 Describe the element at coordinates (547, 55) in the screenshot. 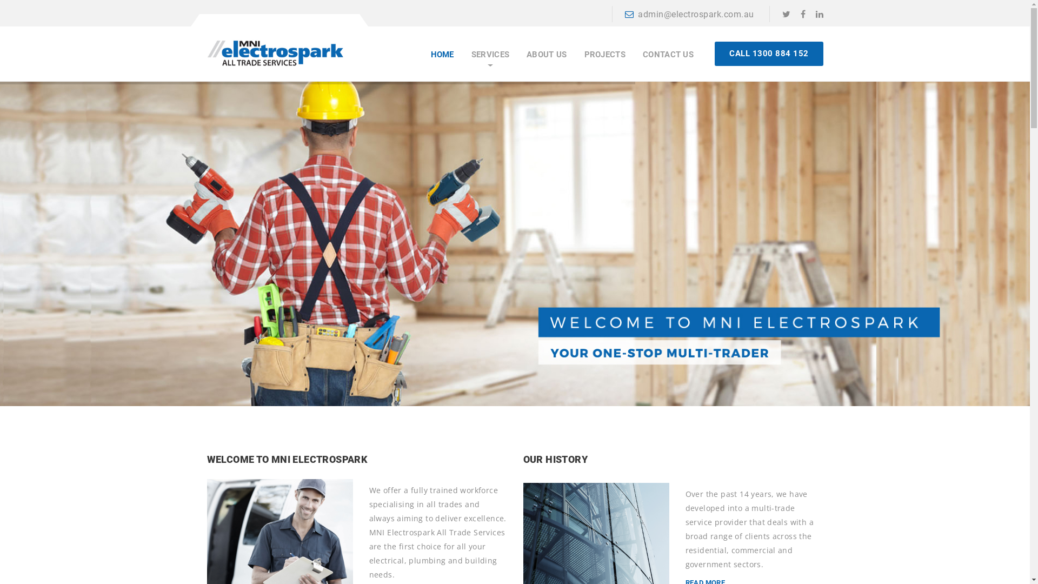

I see `'ABOUT US'` at that location.